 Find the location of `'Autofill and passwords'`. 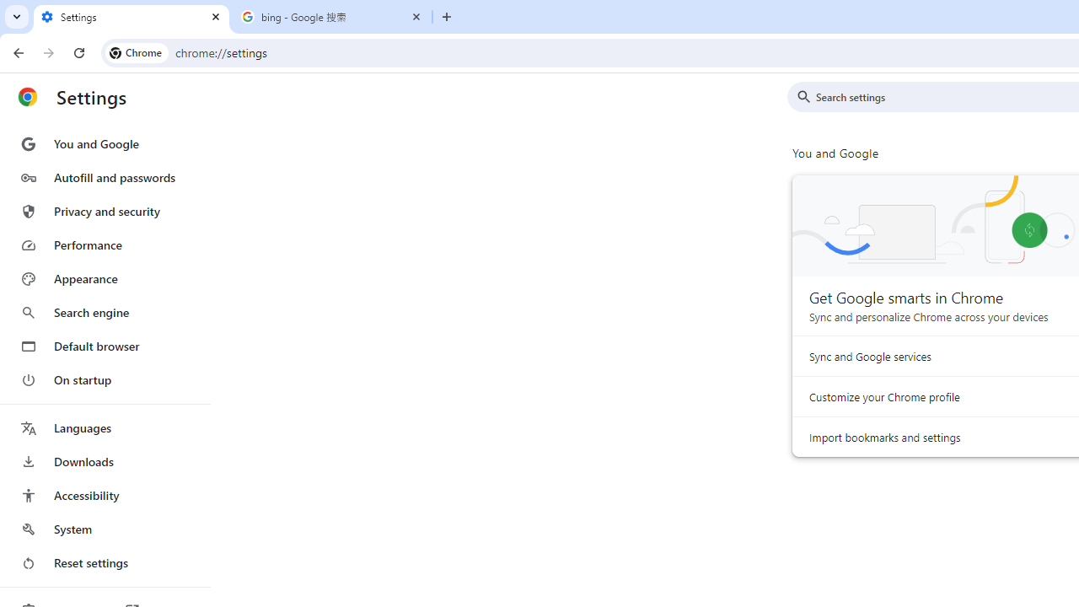

'Autofill and passwords' is located at coordinates (104, 177).